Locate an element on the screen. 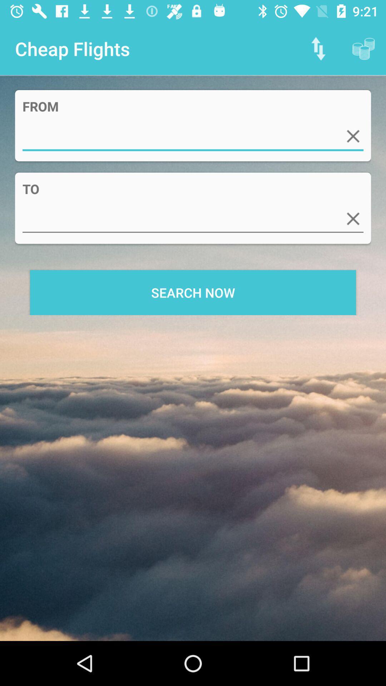 Image resolution: width=386 pixels, height=686 pixels. search information is located at coordinates (193, 136).